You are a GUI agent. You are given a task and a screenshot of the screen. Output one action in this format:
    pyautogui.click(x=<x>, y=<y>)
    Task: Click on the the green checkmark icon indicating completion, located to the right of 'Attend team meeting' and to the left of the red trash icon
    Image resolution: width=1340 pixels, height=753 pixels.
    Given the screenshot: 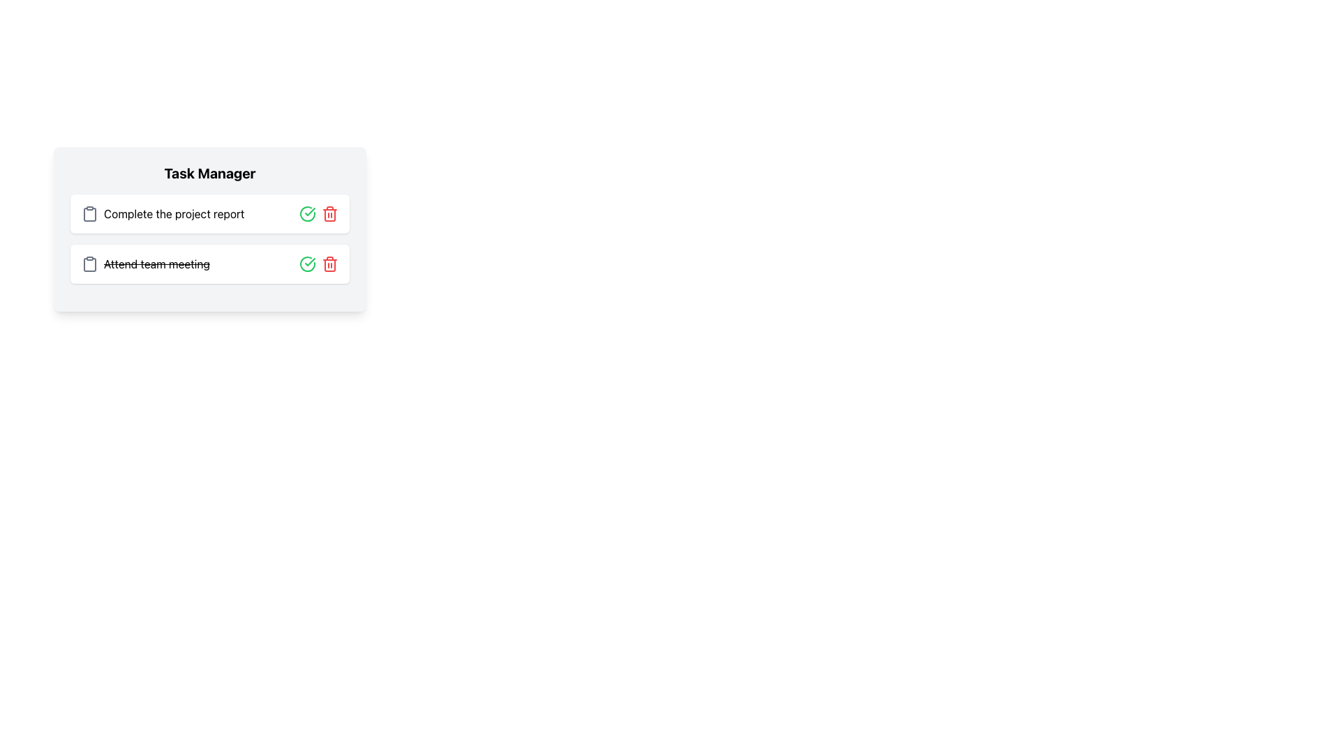 What is the action you would take?
    pyautogui.click(x=307, y=264)
    